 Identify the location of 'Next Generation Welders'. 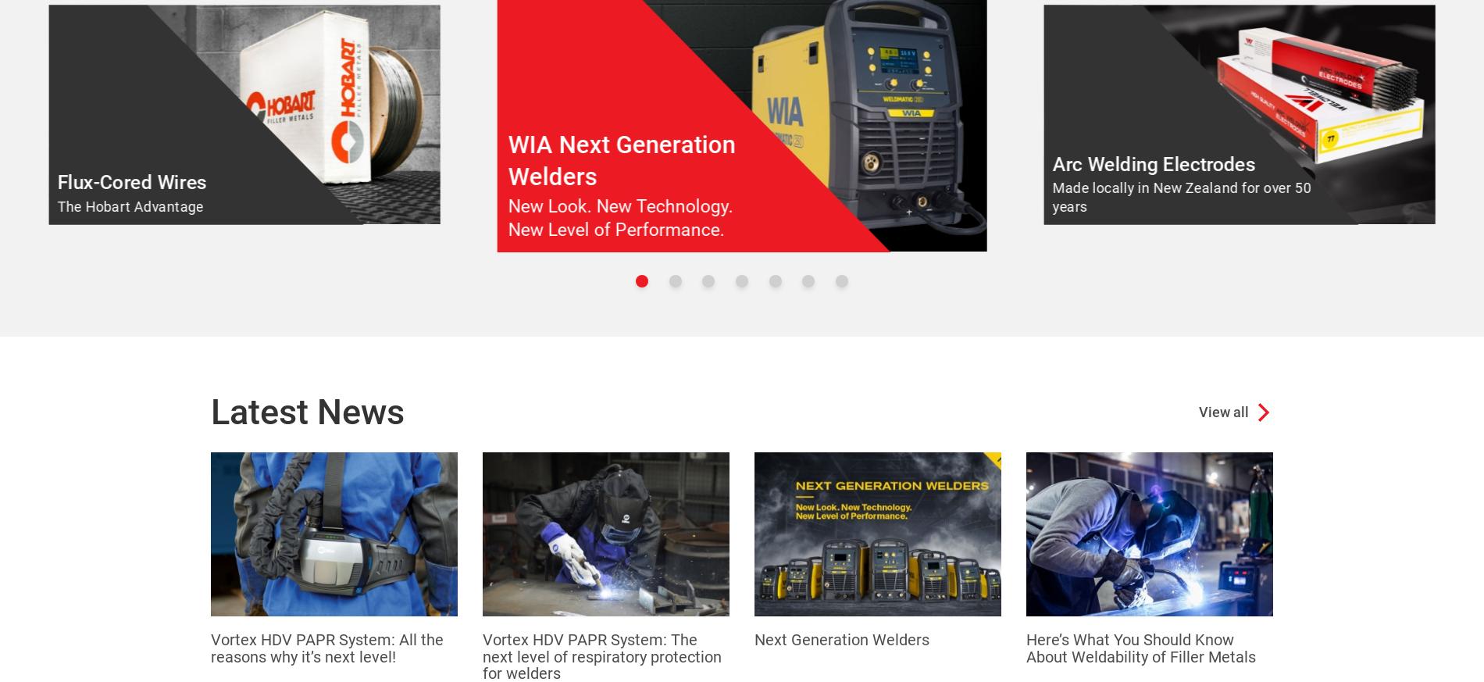
(842, 639).